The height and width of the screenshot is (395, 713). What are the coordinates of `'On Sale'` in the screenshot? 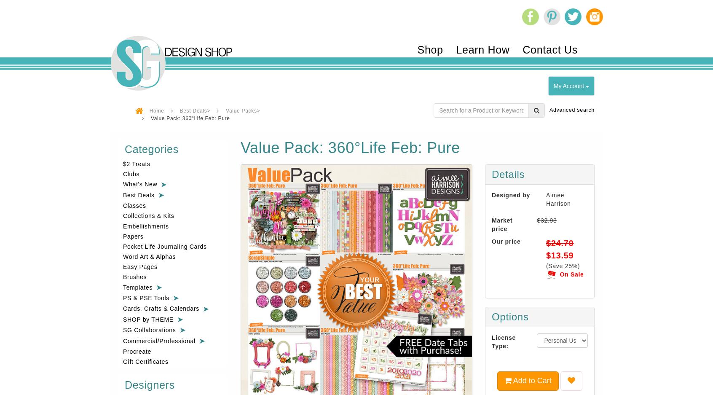 It's located at (571, 273).